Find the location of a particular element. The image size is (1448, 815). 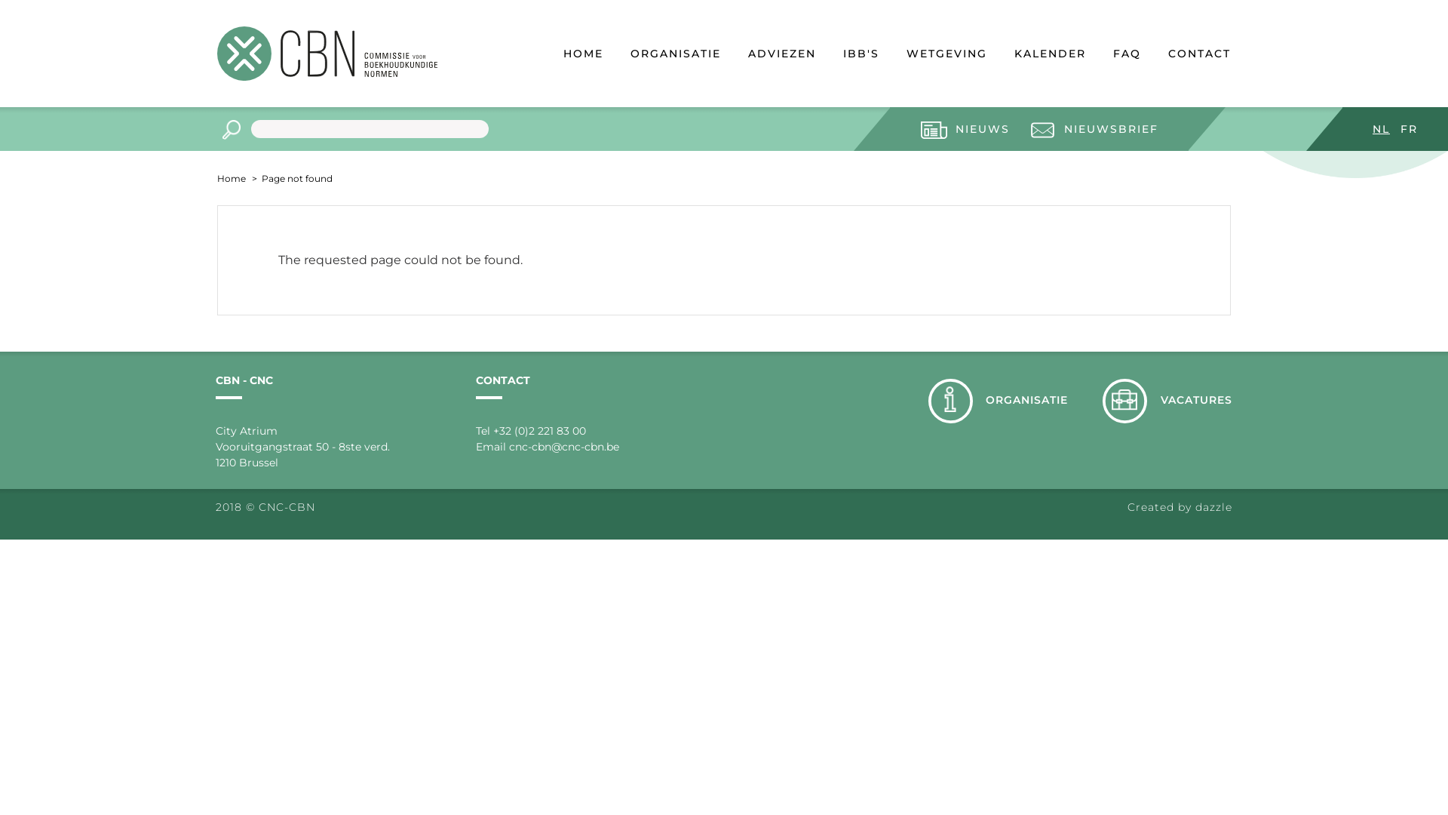

'cnc-cbn@cnc-cbn.be' is located at coordinates (509, 445).